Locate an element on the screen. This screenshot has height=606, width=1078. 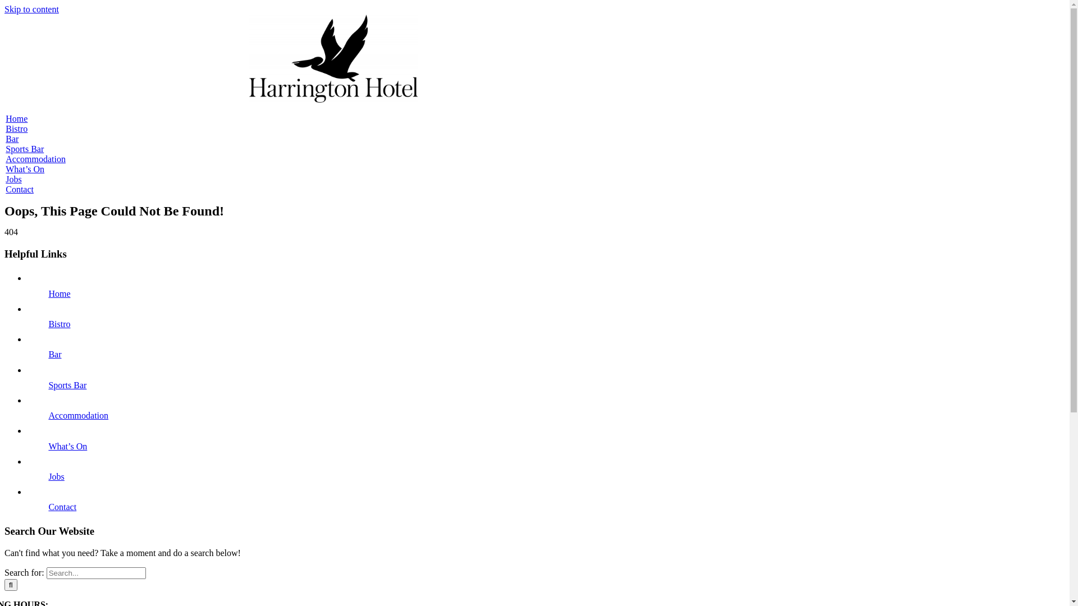
'Sports Bar' is located at coordinates (24, 148).